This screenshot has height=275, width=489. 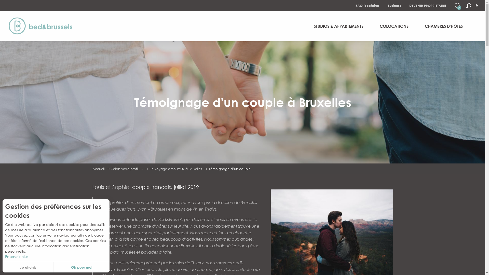 What do you see at coordinates (428, 6) in the screenshot?
I see `'DEVENIR PROPRIETAIRE'` at bounding box center [428, 6].